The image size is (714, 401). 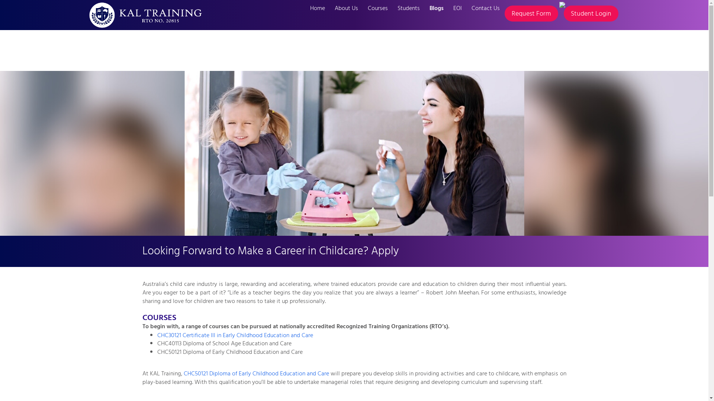 What do you see at coordinates (591, 13) in the screenshot?
I see `'Student Login'` at bounding box center [591, 13].